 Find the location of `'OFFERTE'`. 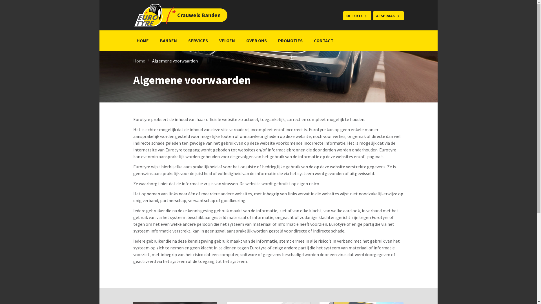

'OFFERTE' is located at coordinates (357, 15).